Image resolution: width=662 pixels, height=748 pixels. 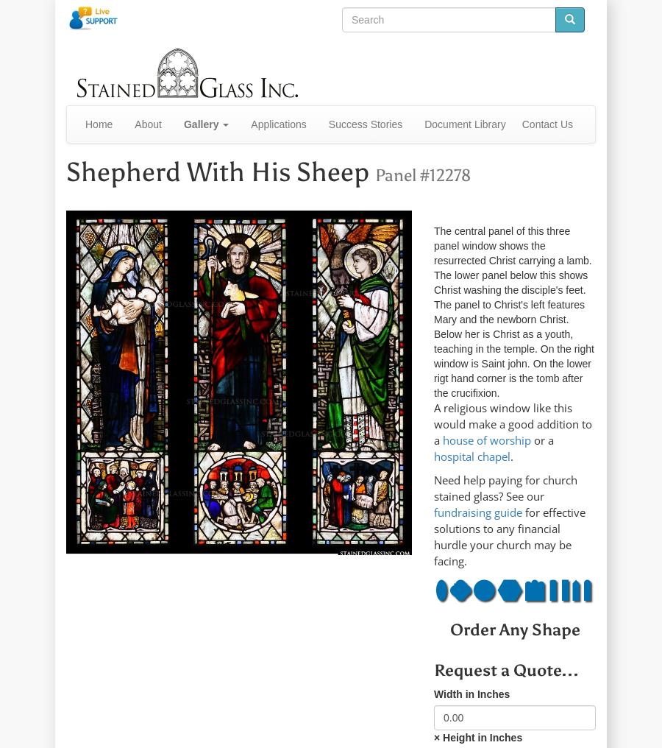 What do you see at coordinates (434, 737) in the screenshot?
I see `'× Height in Inches'` at bounding box center [434, 737].